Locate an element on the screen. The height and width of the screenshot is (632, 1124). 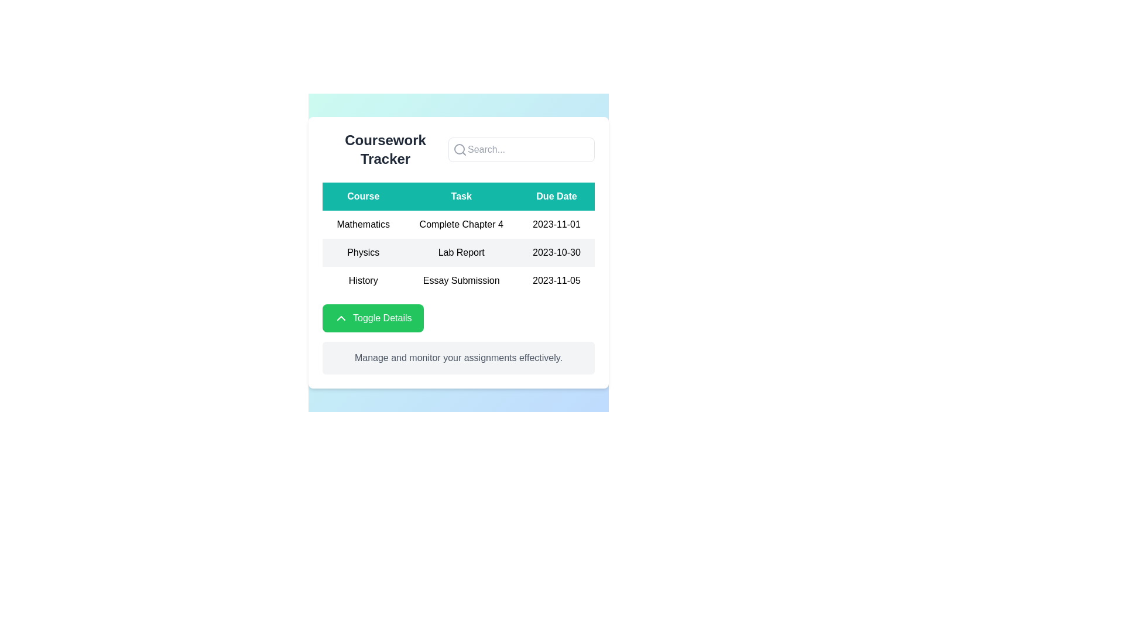
the search icon located on the left side of the input text box within the search field at the top-right section of the UI window is located at coordinates (460, 149).